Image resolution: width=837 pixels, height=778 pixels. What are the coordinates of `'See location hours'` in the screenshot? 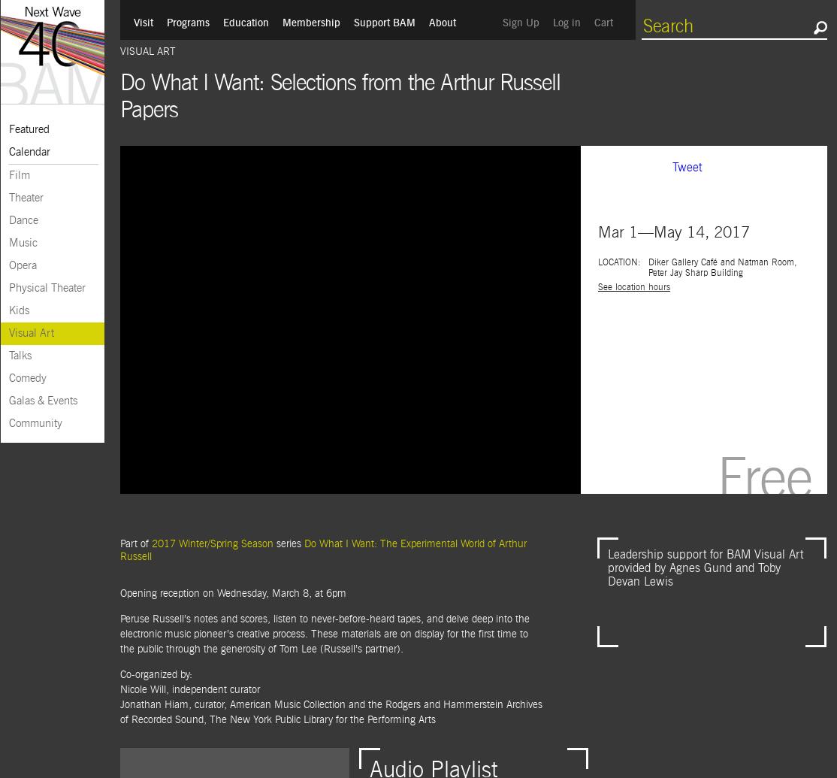 It's located at (633, 287).